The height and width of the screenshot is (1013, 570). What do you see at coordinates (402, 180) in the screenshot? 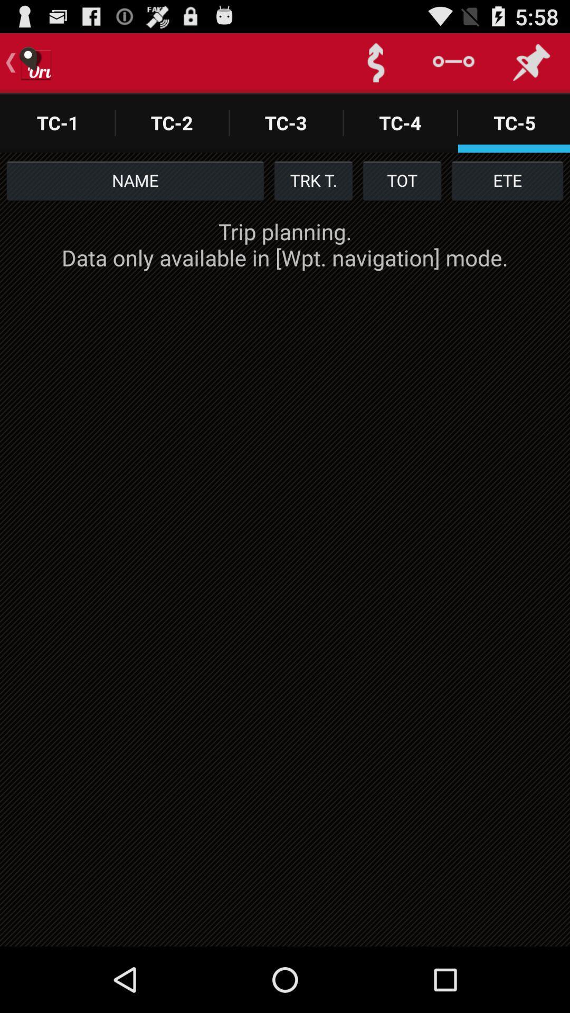
I see `the icon below the tc-4 app` at bounding box center [402, 180].